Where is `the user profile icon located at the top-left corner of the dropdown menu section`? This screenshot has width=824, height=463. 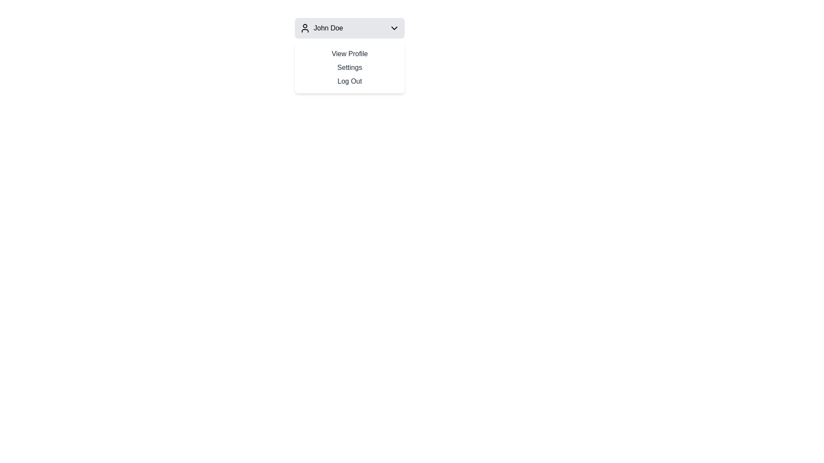 the user profile icon located at the top-left corner of the dropdown menu section is located at coordinates (305, 27).